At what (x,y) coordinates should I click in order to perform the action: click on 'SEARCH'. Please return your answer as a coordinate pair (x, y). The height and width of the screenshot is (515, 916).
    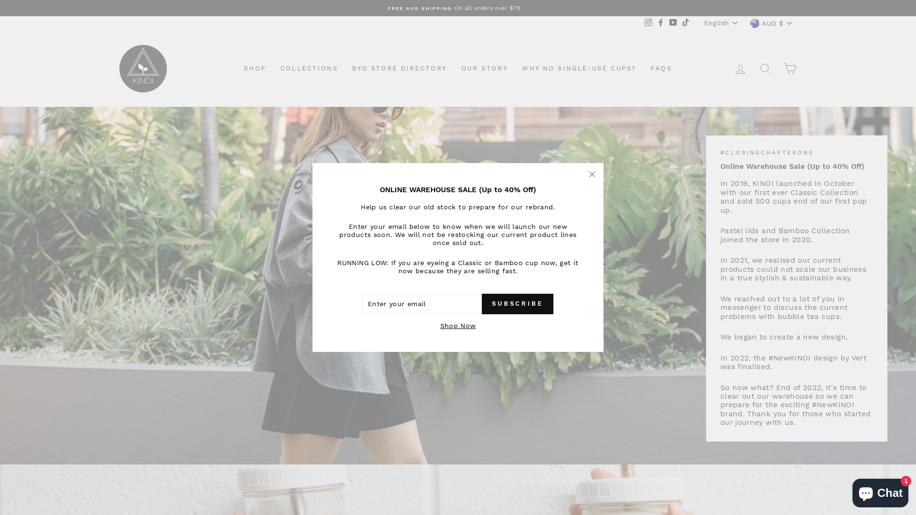
    Looking at the image, I should click on (765, 68).